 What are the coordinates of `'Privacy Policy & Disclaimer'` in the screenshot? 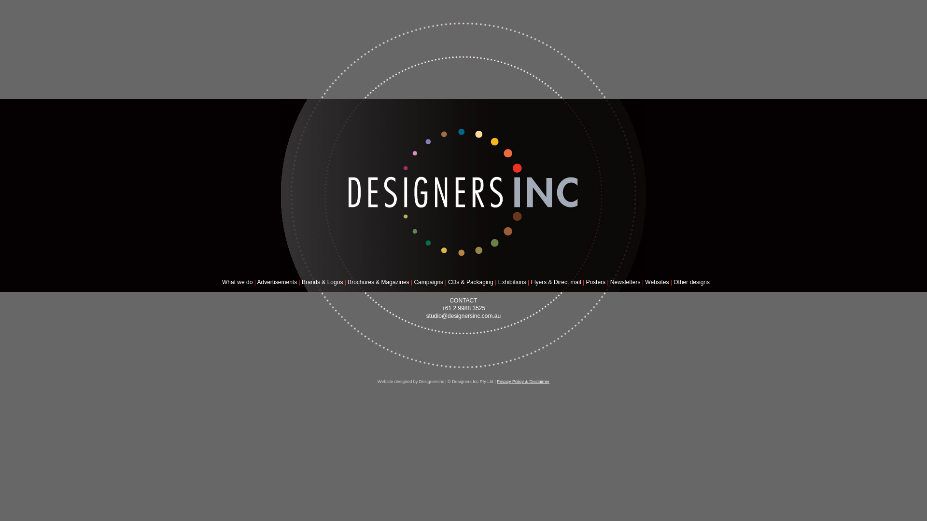 It's located at (496, 381).